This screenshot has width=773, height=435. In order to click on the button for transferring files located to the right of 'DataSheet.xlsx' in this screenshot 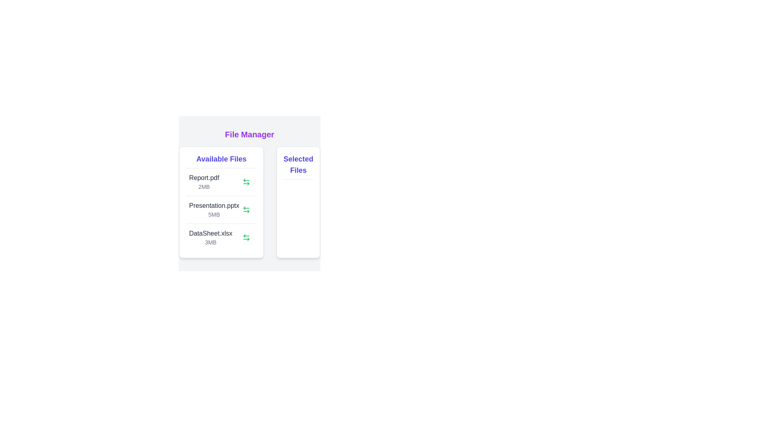, I will do `click(246, 237)`.